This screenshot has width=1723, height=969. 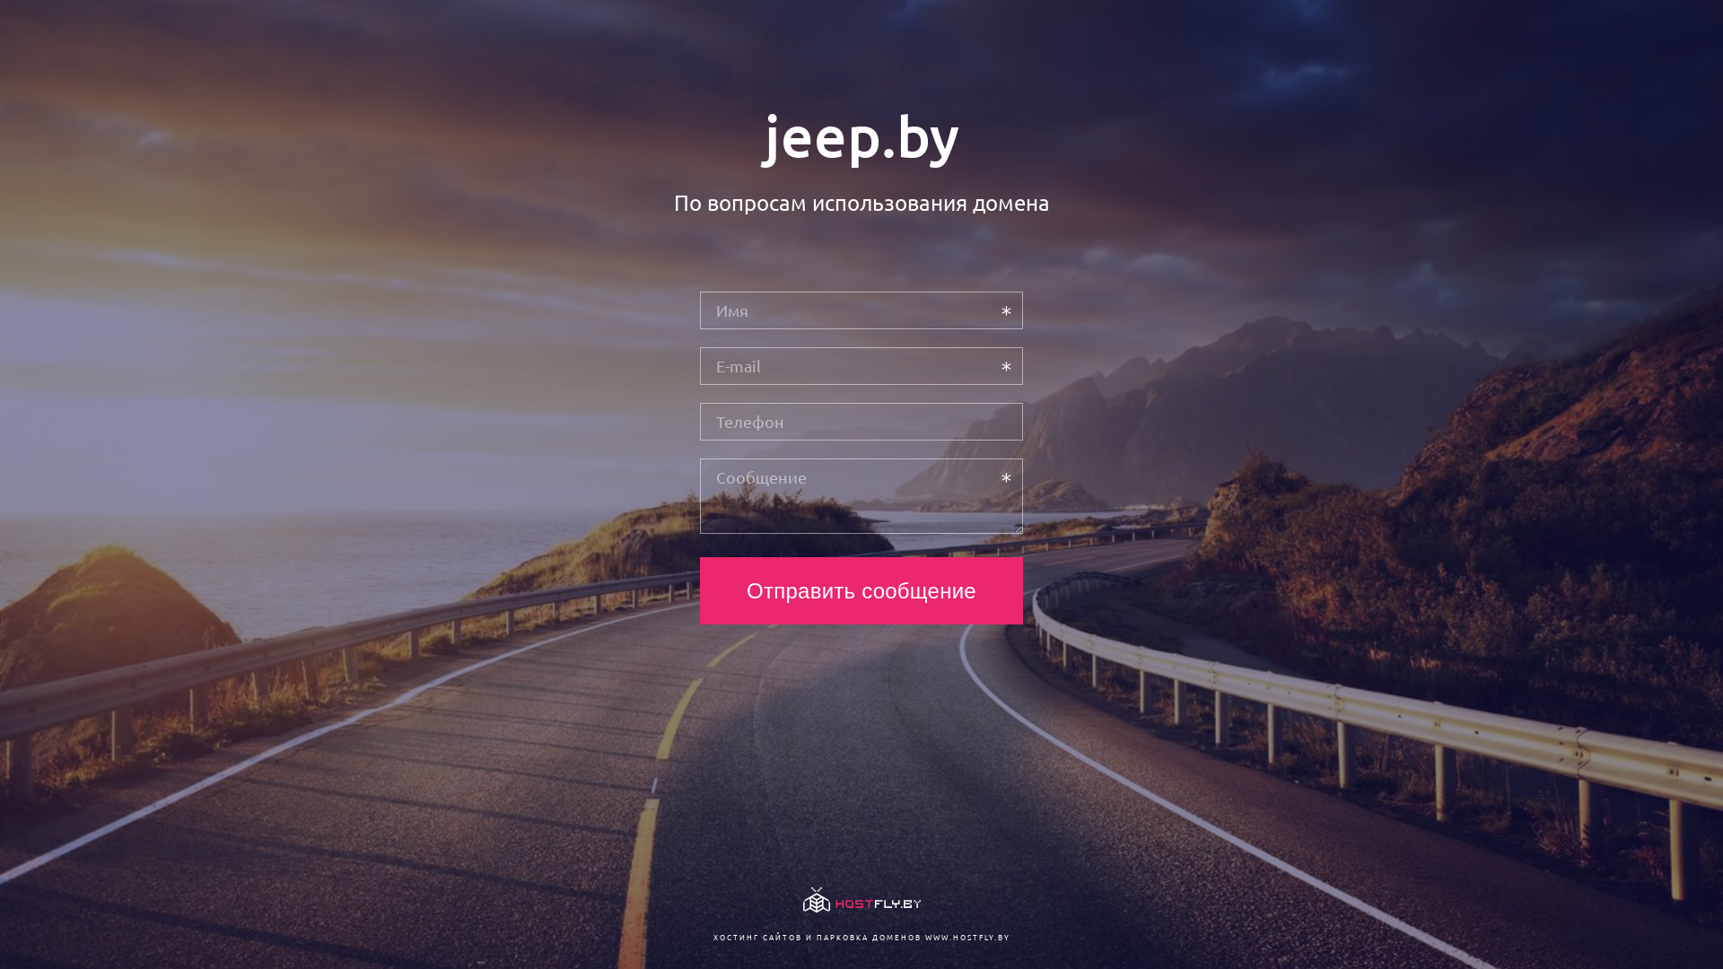 What do you see at coordinates (966, 936) in the screenshot?
I see `'WWW.HOSTFLY.BY'` at bounding box center [966, 936].